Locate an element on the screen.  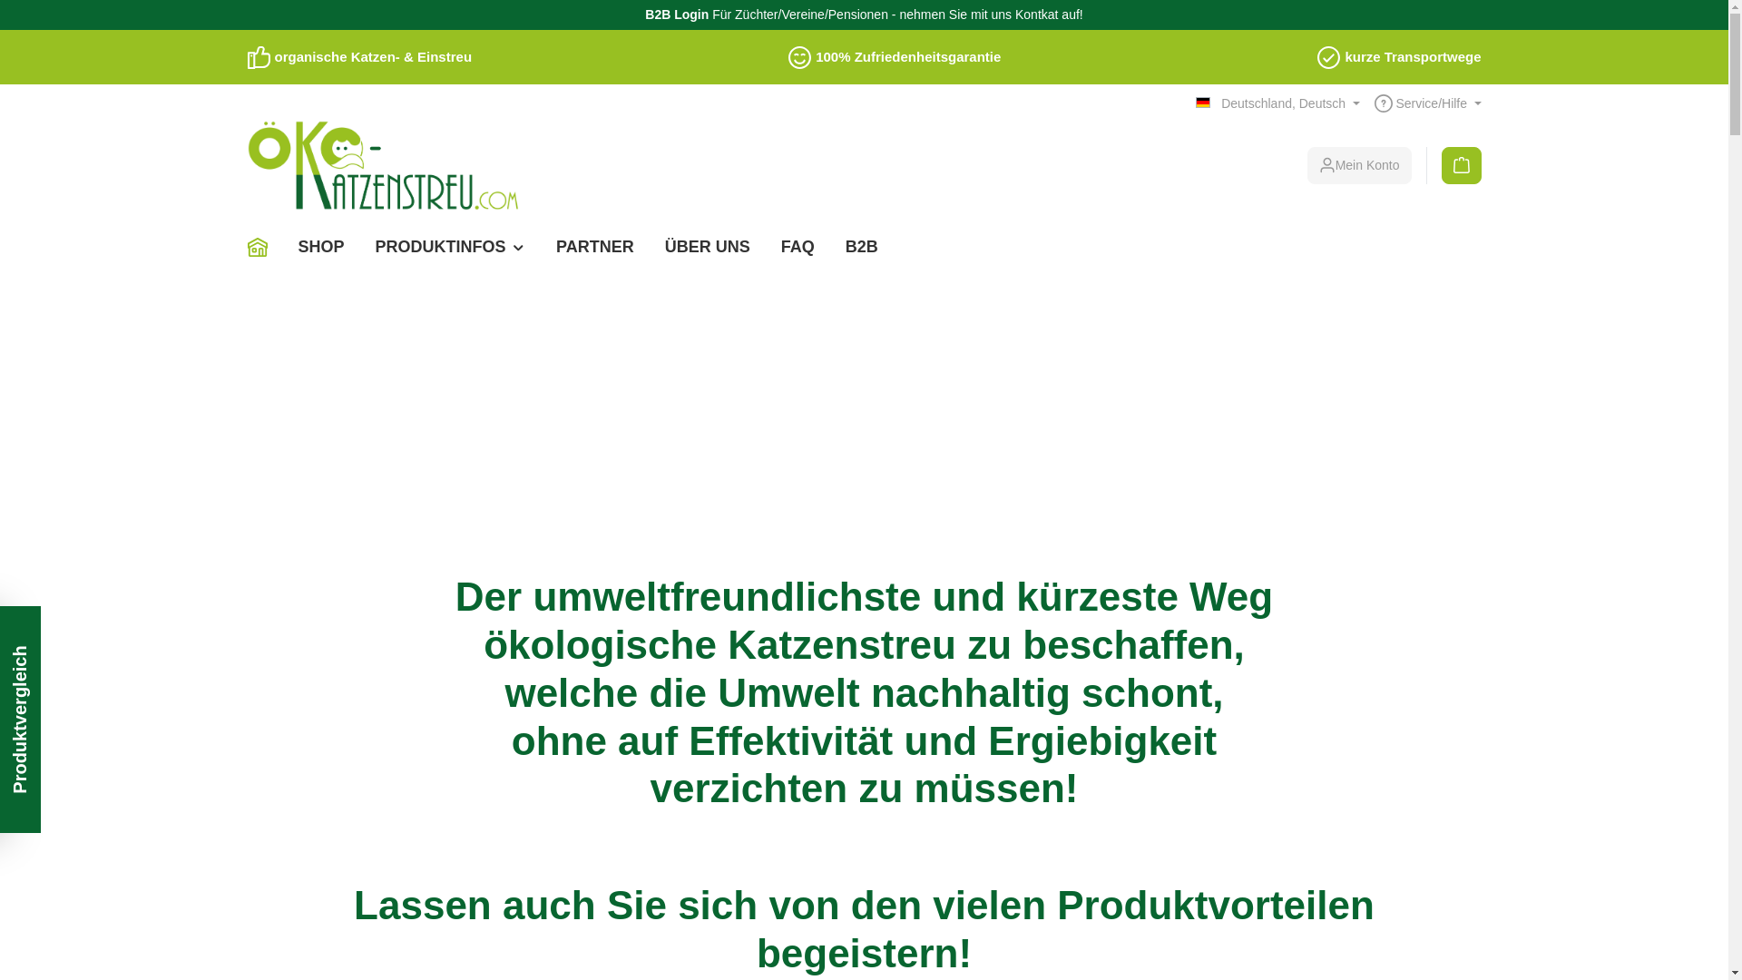
'Home' is located at coordinates (263, 247).